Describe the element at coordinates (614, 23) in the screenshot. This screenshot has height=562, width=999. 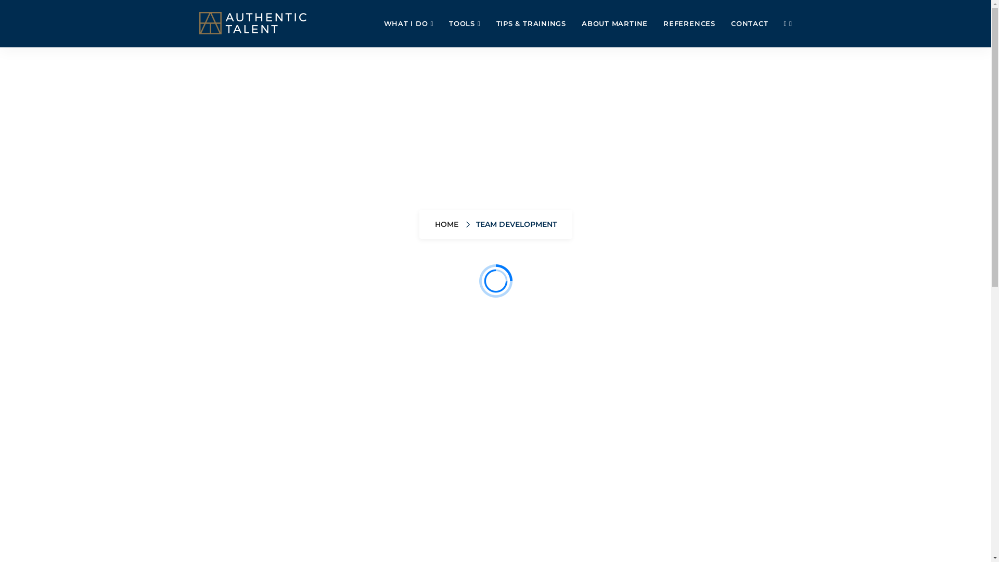
I see `'ABOUT MARTINE'` at that location.